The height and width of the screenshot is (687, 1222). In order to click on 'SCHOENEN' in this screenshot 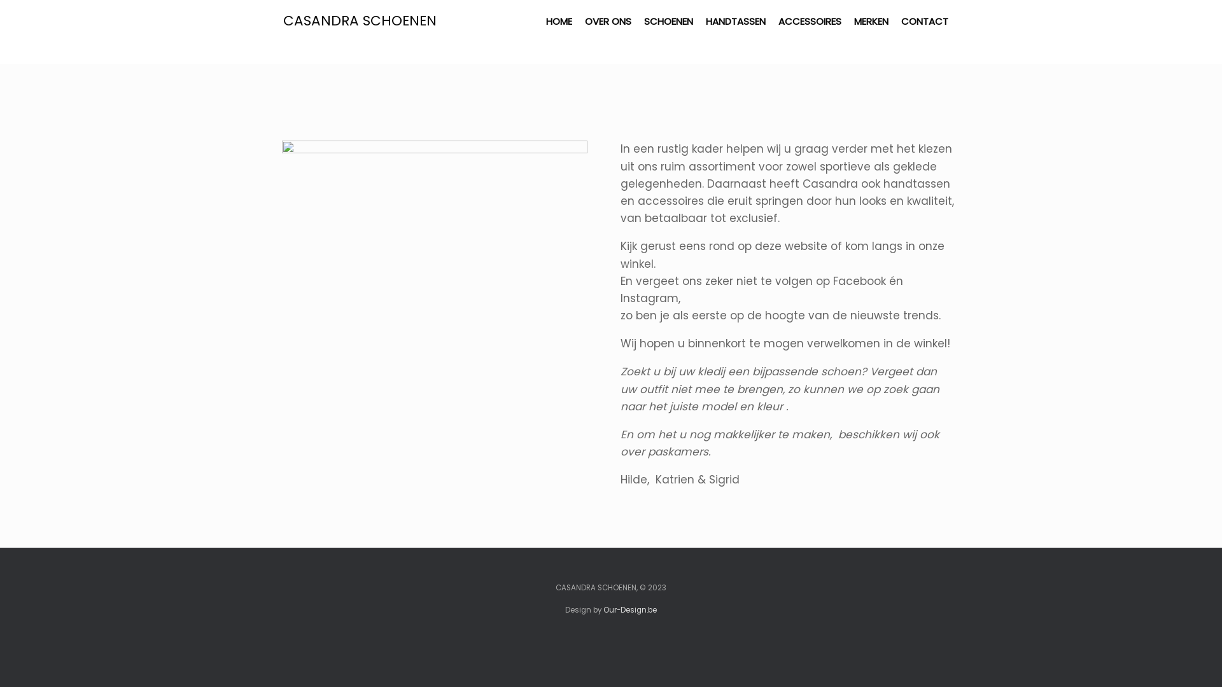, I will do `click(668, 21)`.